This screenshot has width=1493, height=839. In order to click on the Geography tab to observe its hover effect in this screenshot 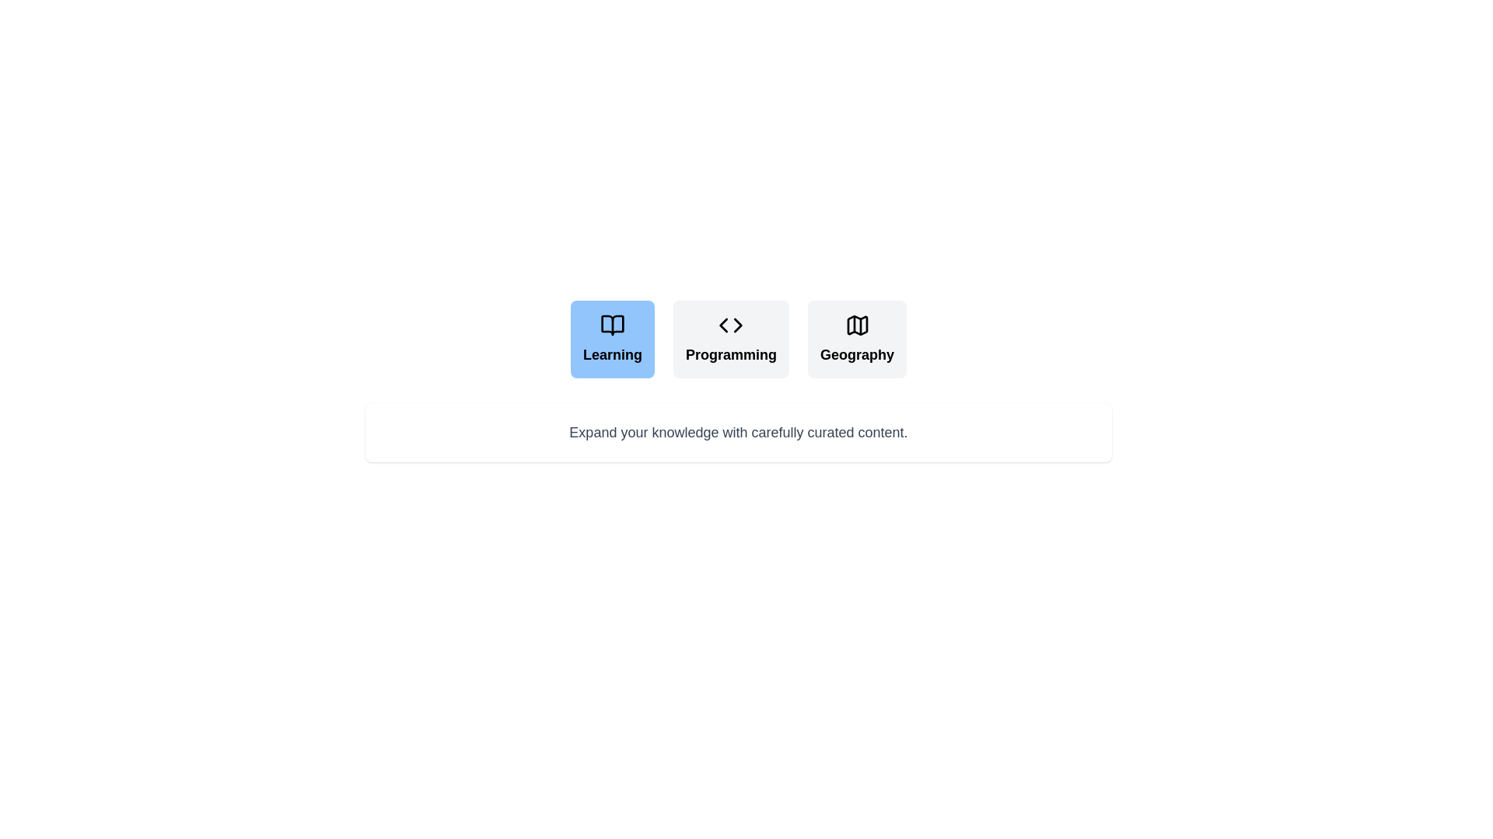, I will do `click(856, 338)`.